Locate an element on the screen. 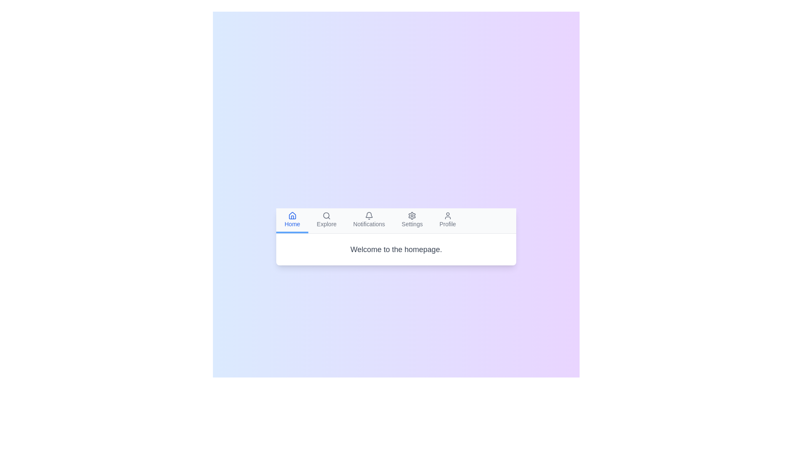 The image size is (800, 450). the tab labeled Explore to select it is located at coordinates (326, 220).